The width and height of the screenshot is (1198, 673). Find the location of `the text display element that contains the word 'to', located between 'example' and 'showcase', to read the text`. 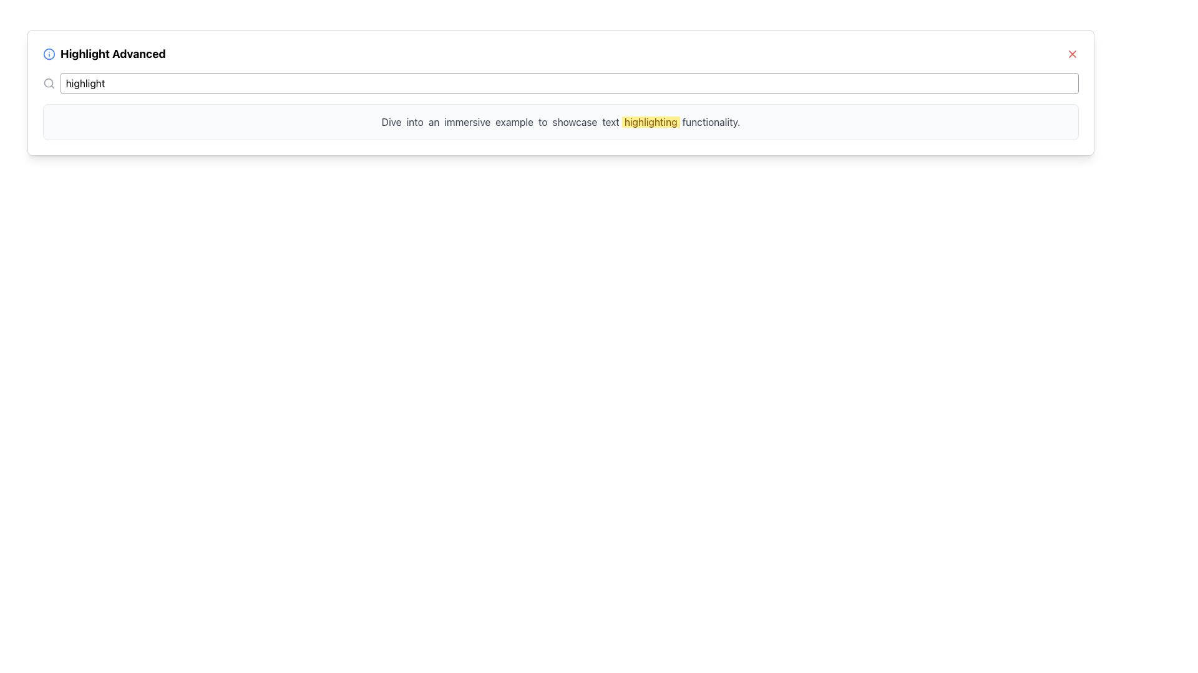

the text display element that contains the word 'to', located between 'example' and 'showcase', to read the text is located at coordinates (543, 122).